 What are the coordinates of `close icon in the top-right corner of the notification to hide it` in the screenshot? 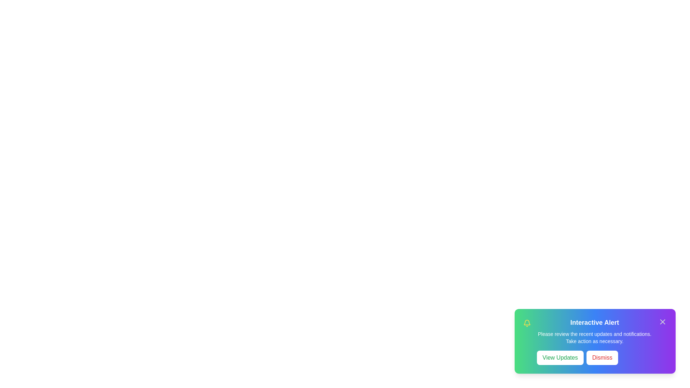 It's located at (662, 321).